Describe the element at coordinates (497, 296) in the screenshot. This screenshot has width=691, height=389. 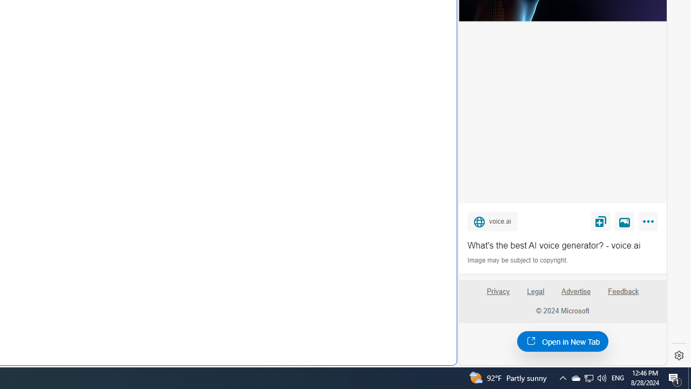
I see `'Privacy'` at that location.